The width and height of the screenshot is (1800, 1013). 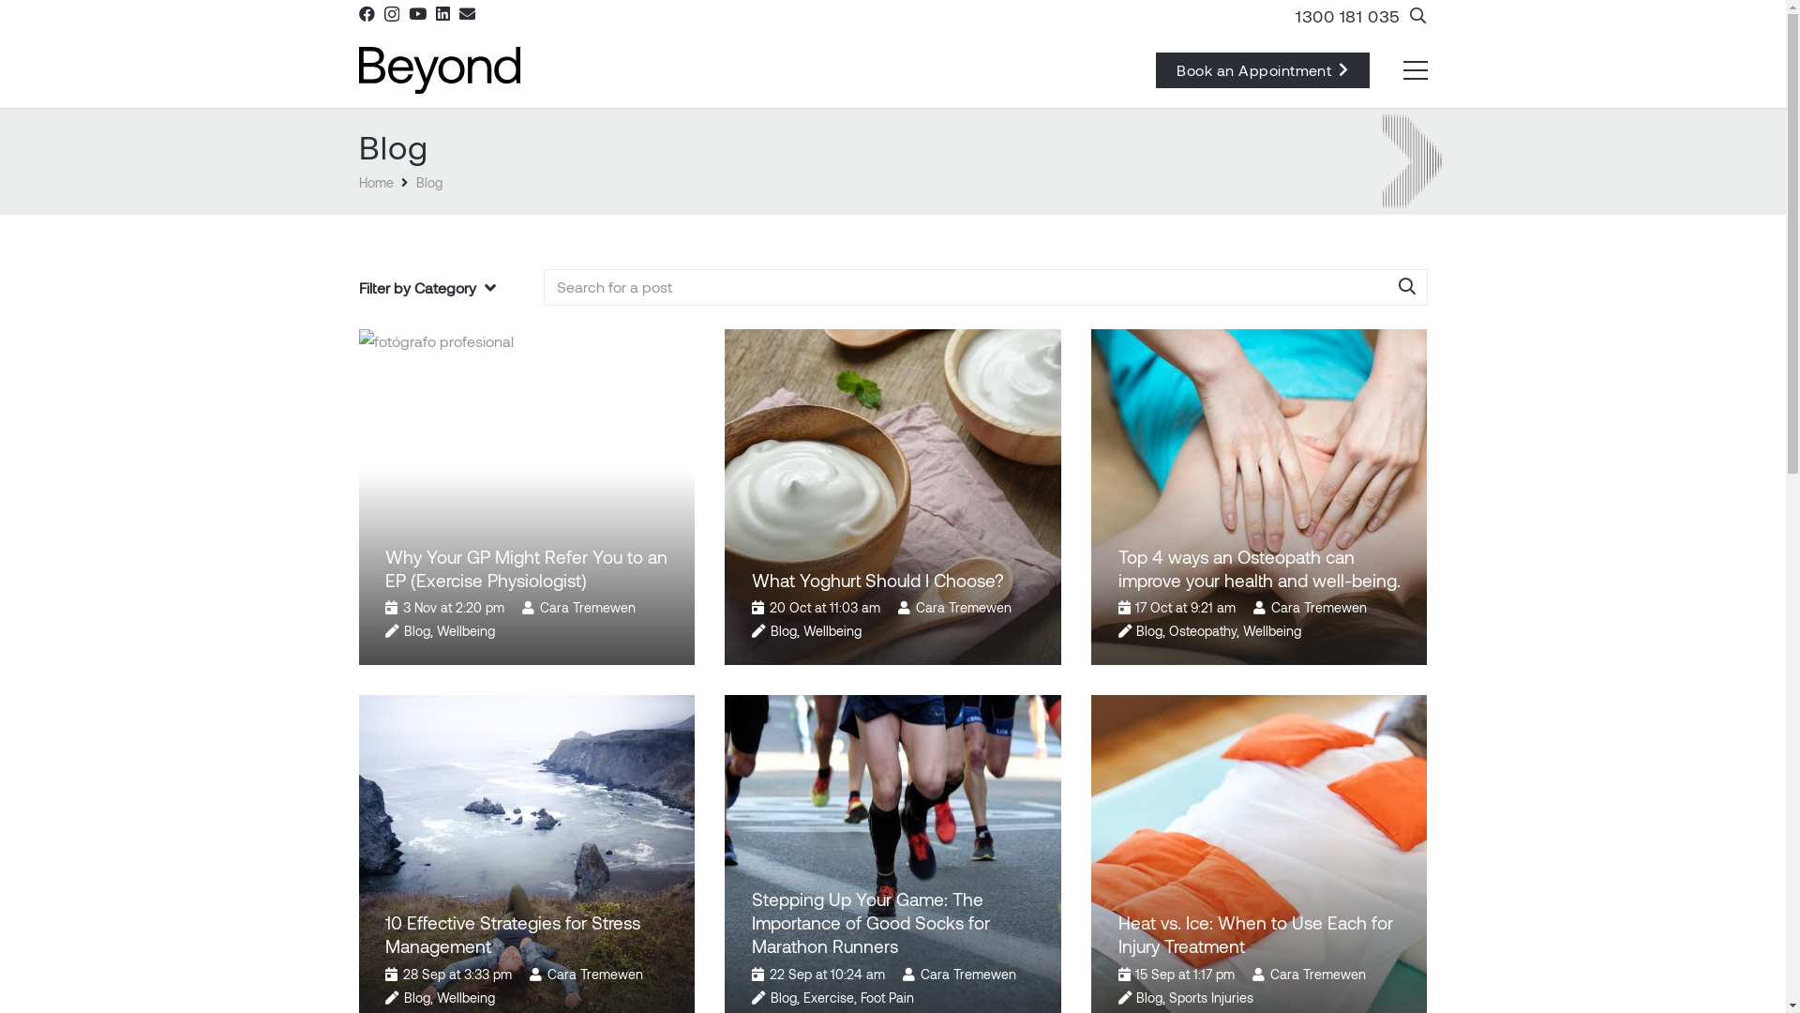 What do you see at coordinates (1210, 996) in the screenshot?
I see `'Sports Injuries'` at bounding box center [1210, 996].